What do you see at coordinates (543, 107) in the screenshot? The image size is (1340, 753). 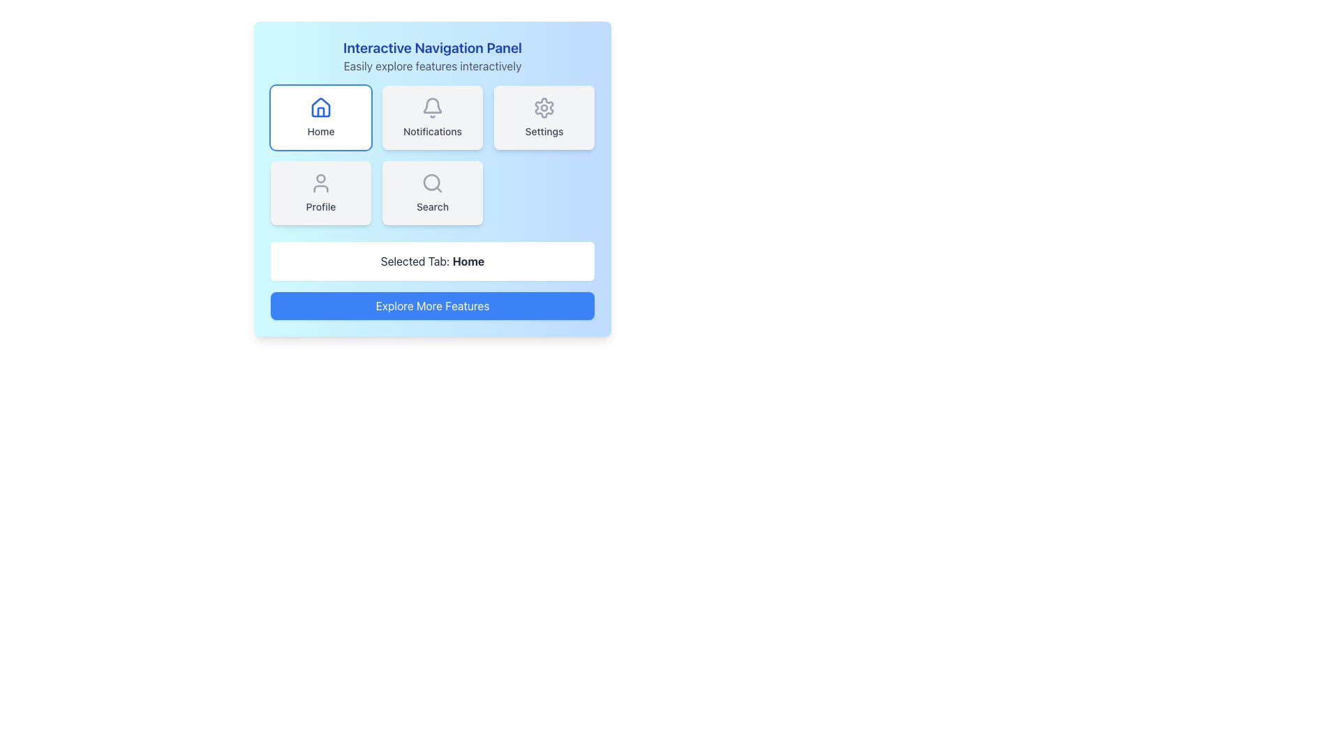 I see `the gear icon located inside the 'Settings' button in the top right corner of the main navigation panel` at bounding box center [543, 107].